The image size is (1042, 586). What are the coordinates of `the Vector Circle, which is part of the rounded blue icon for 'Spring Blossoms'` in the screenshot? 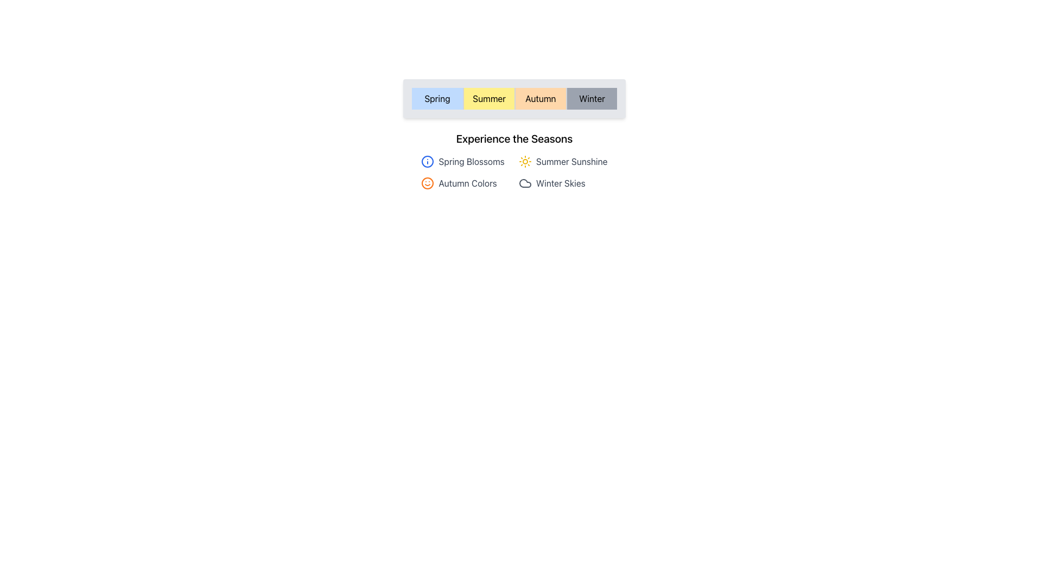 It's located at (427, 161).